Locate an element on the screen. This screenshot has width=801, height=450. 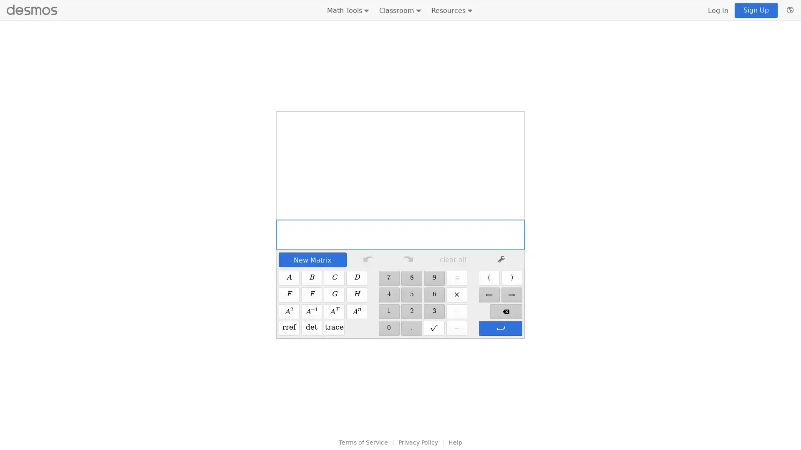
Reduced row echelon form is located at coordinates (289, 327).